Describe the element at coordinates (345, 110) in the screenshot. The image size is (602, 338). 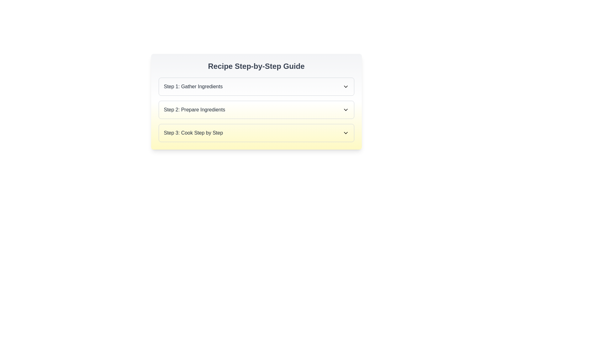
I see `the downwards-facing chevron icon with a thin black border located in the header labeled 'Step 2: Prepare Ingredients'` at that location.